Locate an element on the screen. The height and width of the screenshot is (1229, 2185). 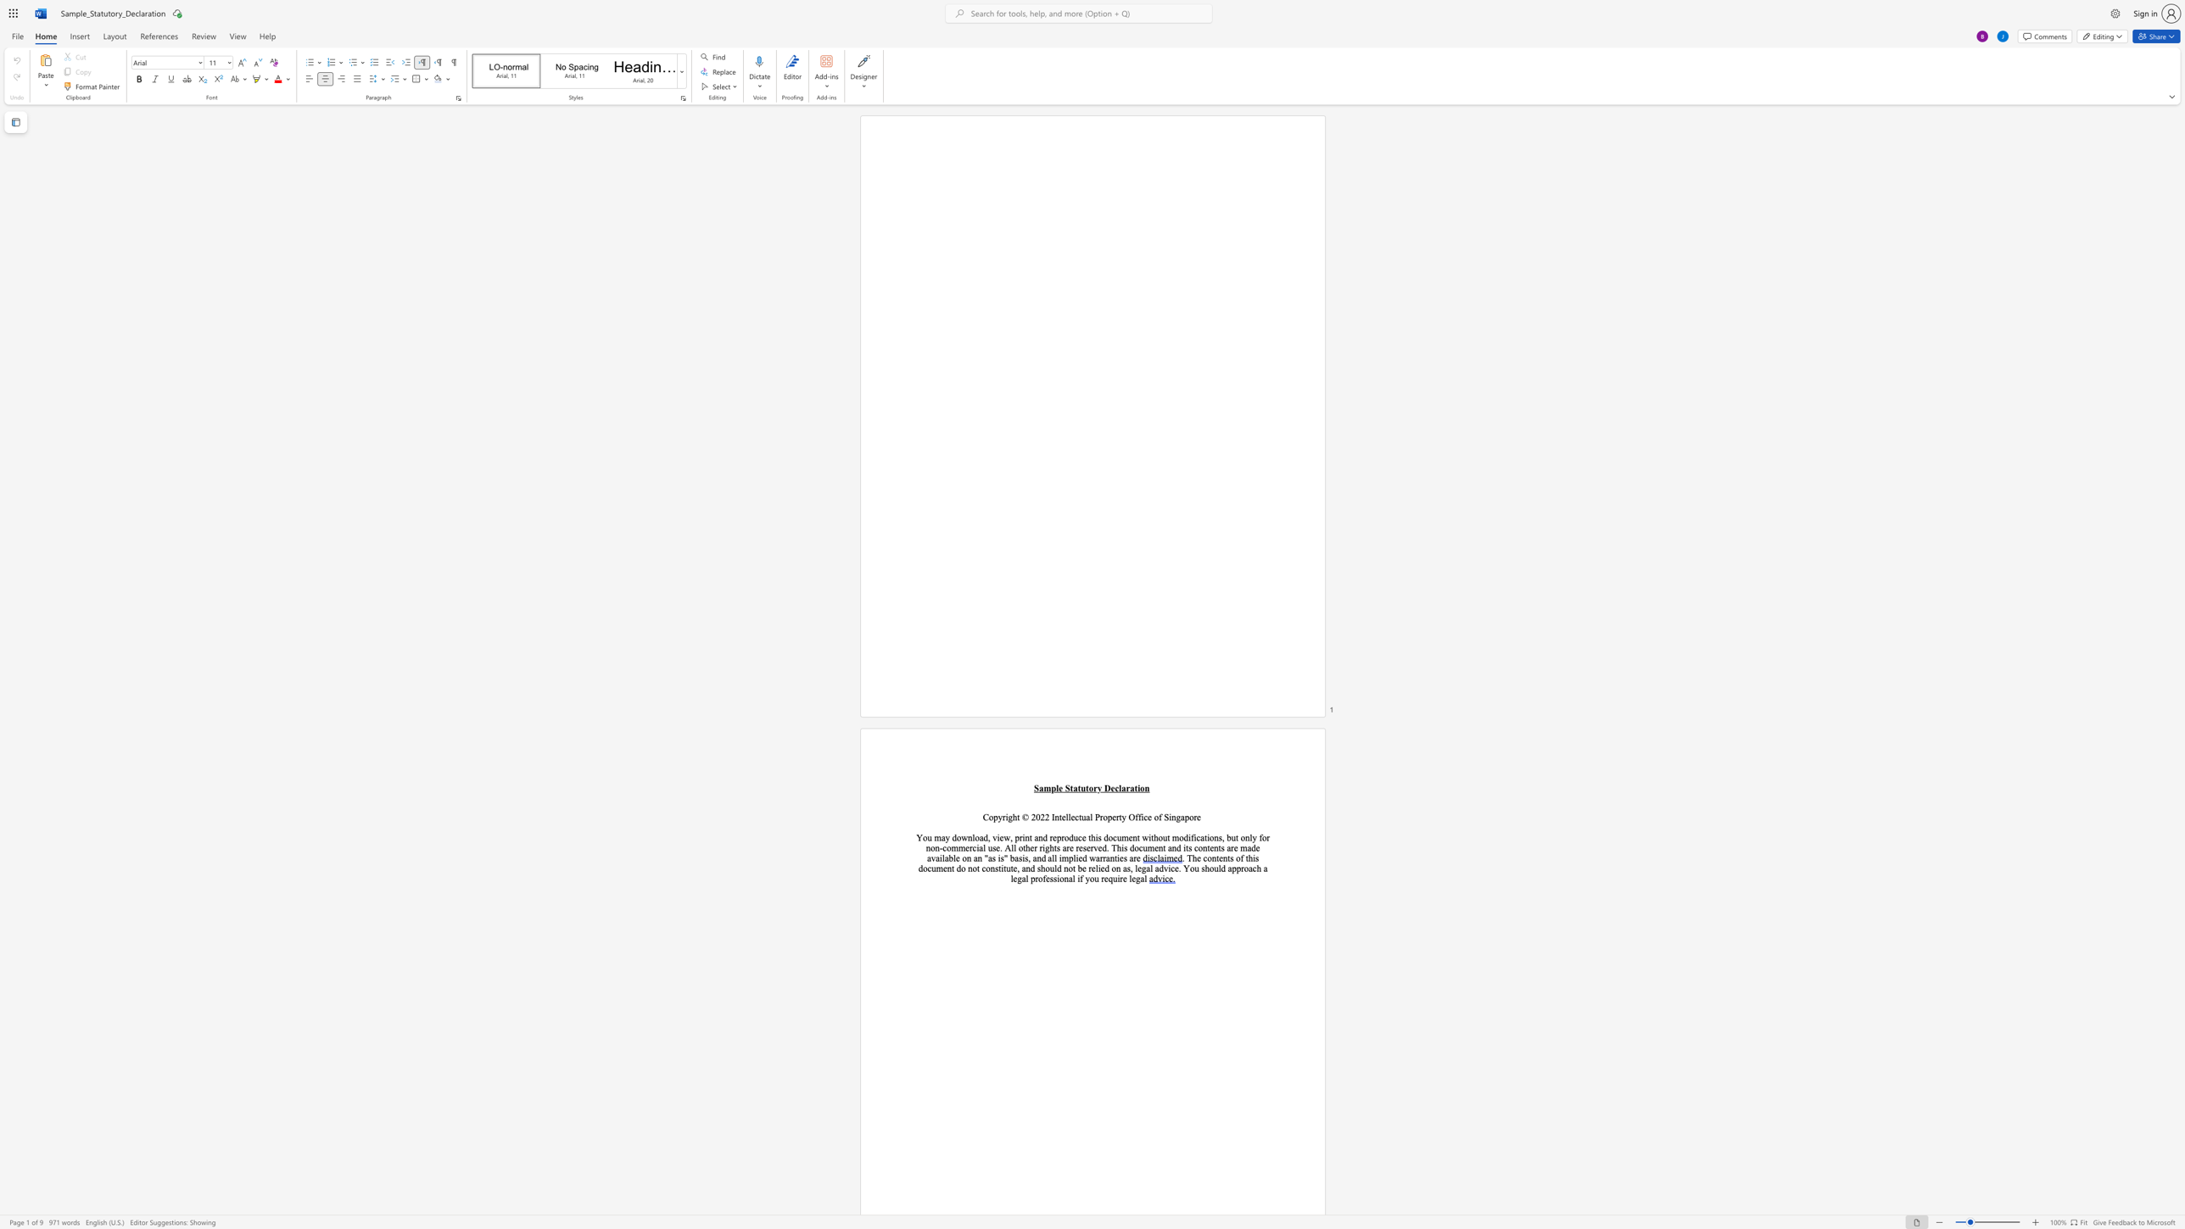
the subset text "not cons" within the text "do not constitute" is located at coordinates (967, 868).